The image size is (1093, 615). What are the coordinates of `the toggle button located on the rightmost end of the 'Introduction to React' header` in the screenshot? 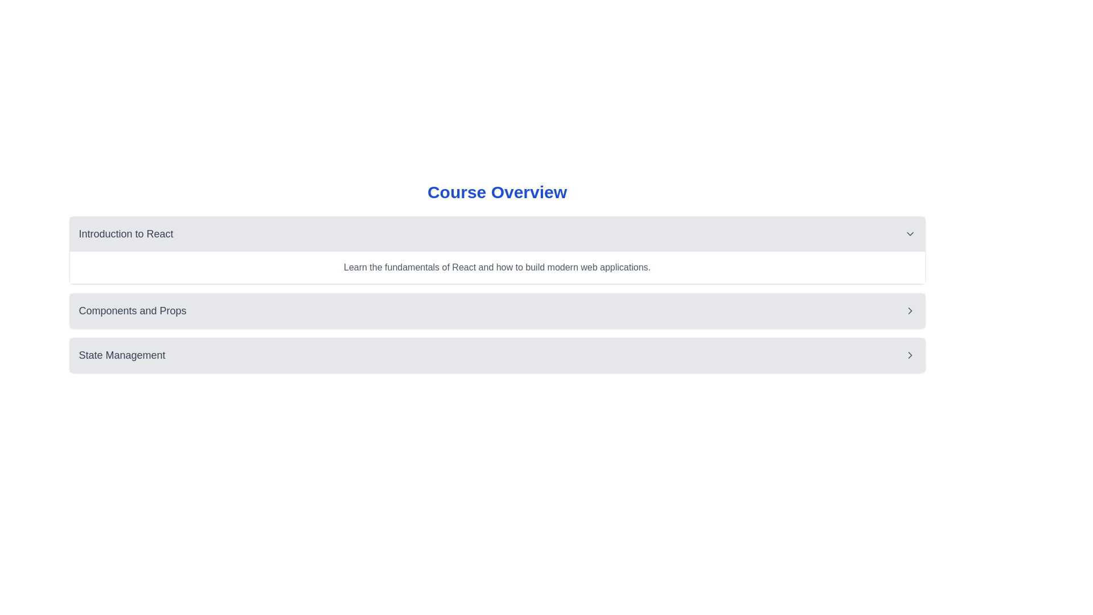 It's located at (909, 233).